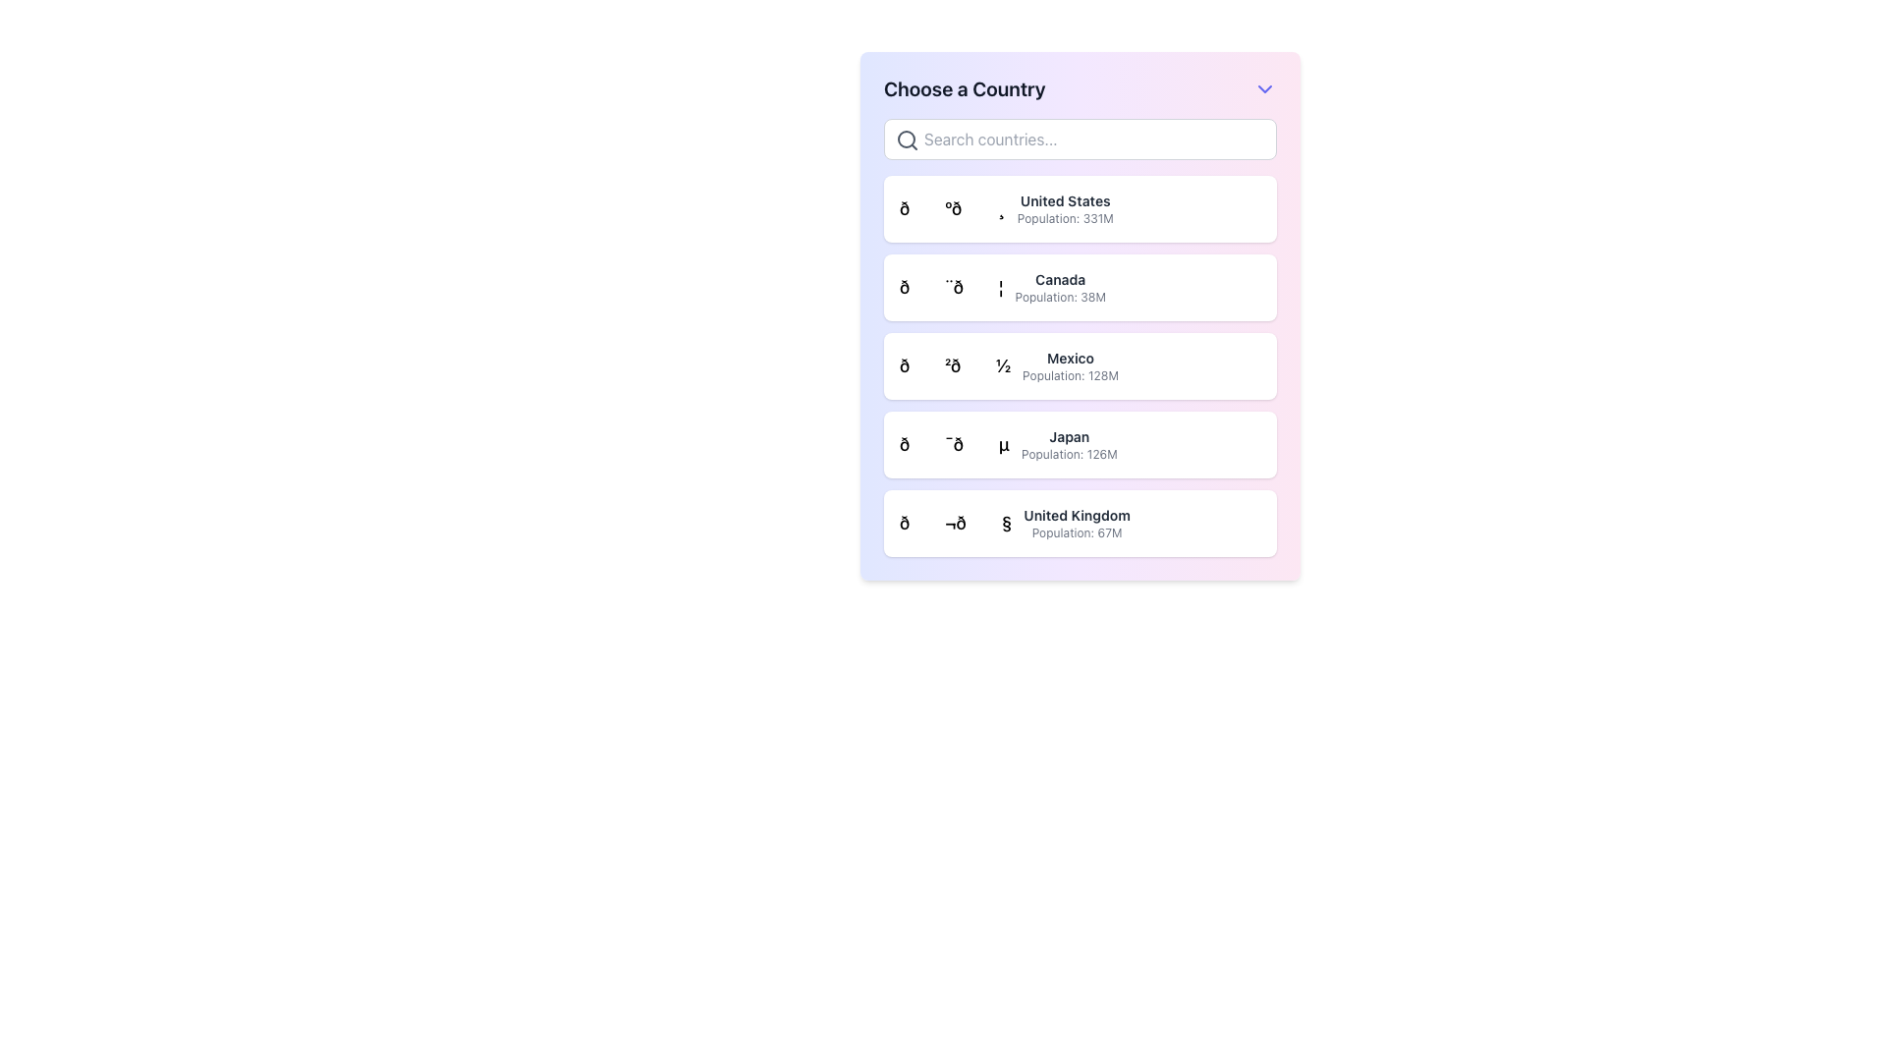 The image size is (1886, 1061). Describe the element at coordinates (907, 139) in the screenshot. I see `the gray magnifying glass icon indicating the search function, located to the left inside the search input field` at that location.